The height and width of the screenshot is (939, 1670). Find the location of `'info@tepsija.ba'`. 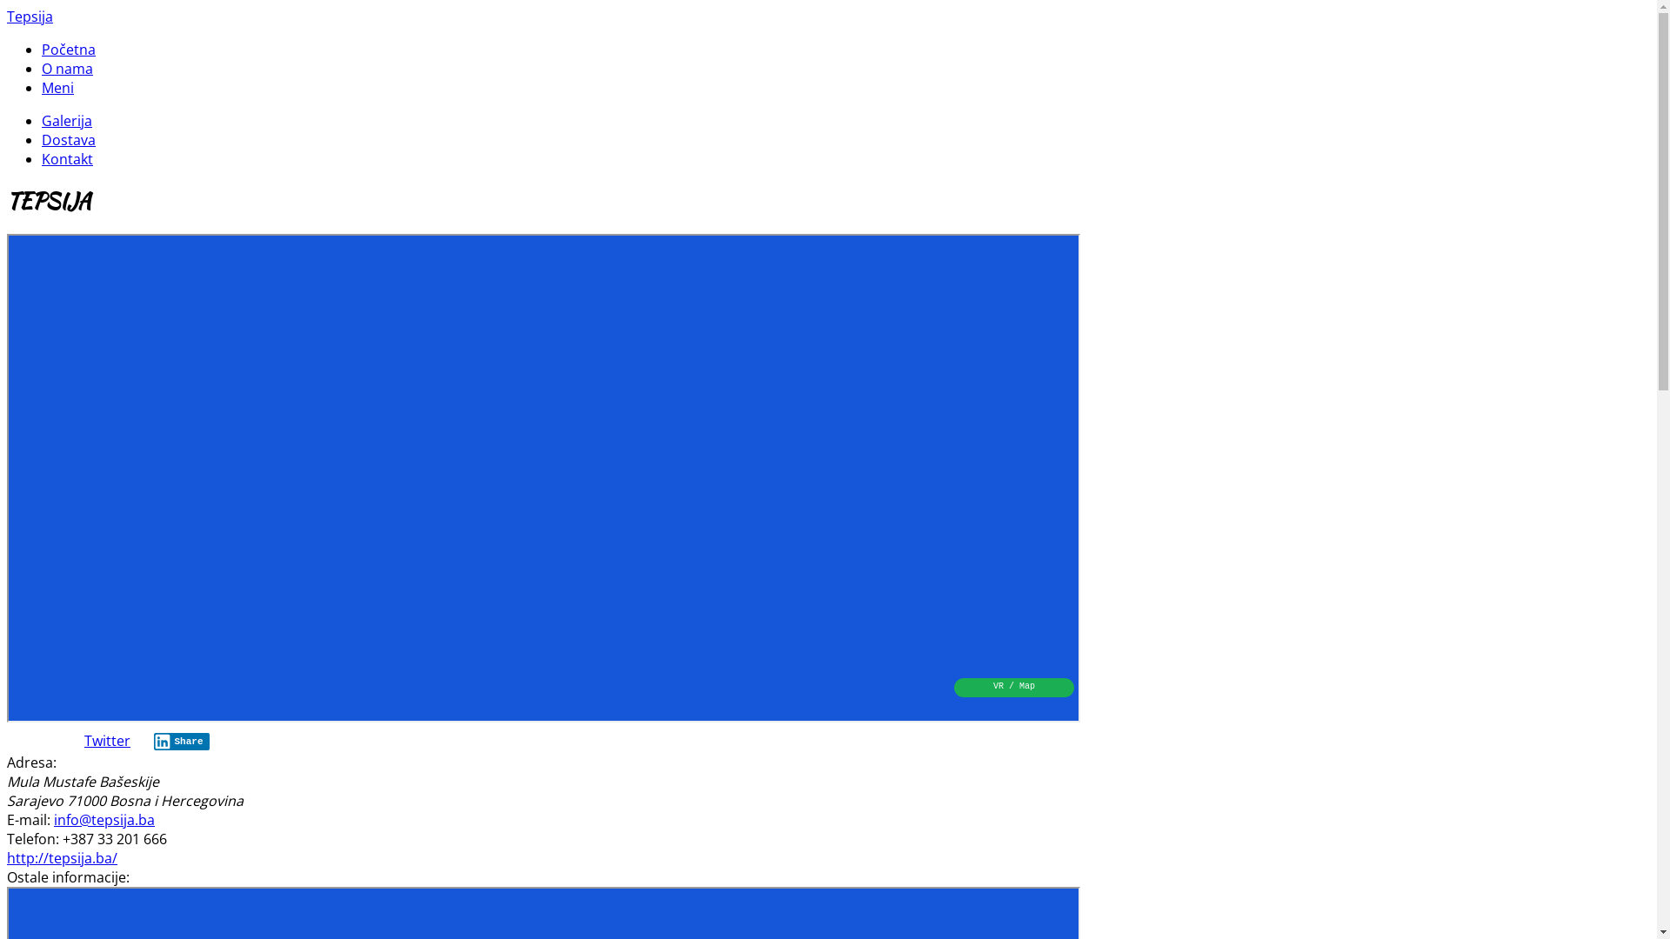

'info@tepsija.ba' is located at coordinates (104, 819).